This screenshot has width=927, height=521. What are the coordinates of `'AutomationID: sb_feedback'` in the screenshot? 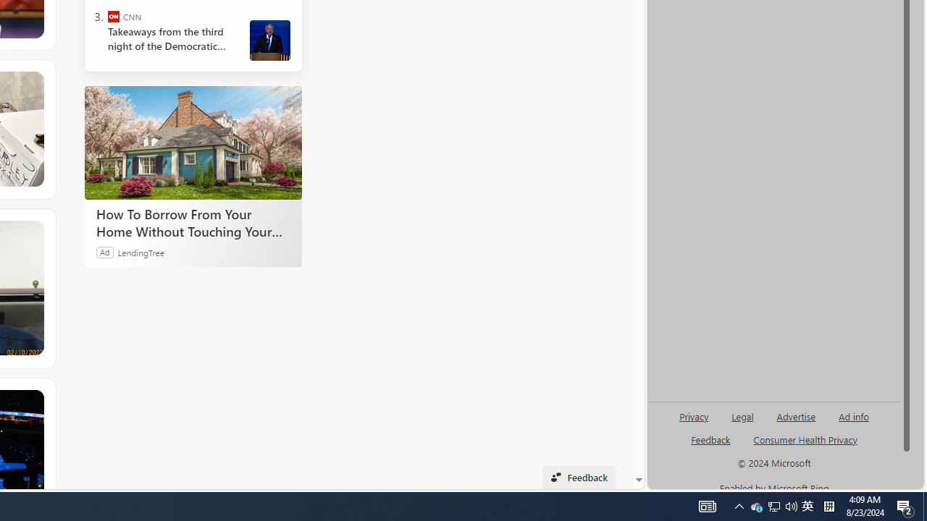 It's located at (710, 439).